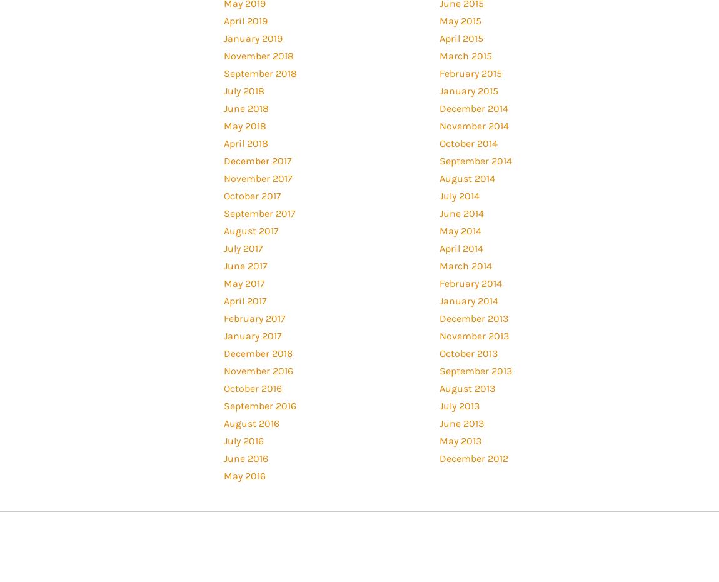 This screenshot has width=719, height=582. What do you see at coordinates (460, 37) in the screenshot?
I see `'April 2015'` at bounding box center [460, 37].